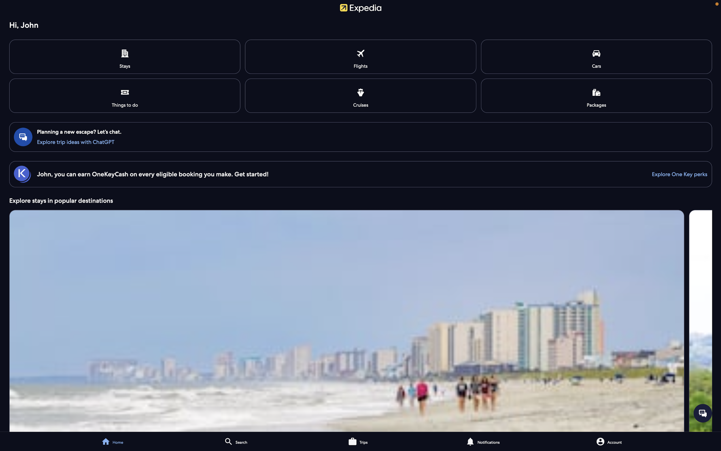  Describe the element at coordinates (1038240, 576152) in the screenshot. I see `"explore stays" section on the screen` at that location.